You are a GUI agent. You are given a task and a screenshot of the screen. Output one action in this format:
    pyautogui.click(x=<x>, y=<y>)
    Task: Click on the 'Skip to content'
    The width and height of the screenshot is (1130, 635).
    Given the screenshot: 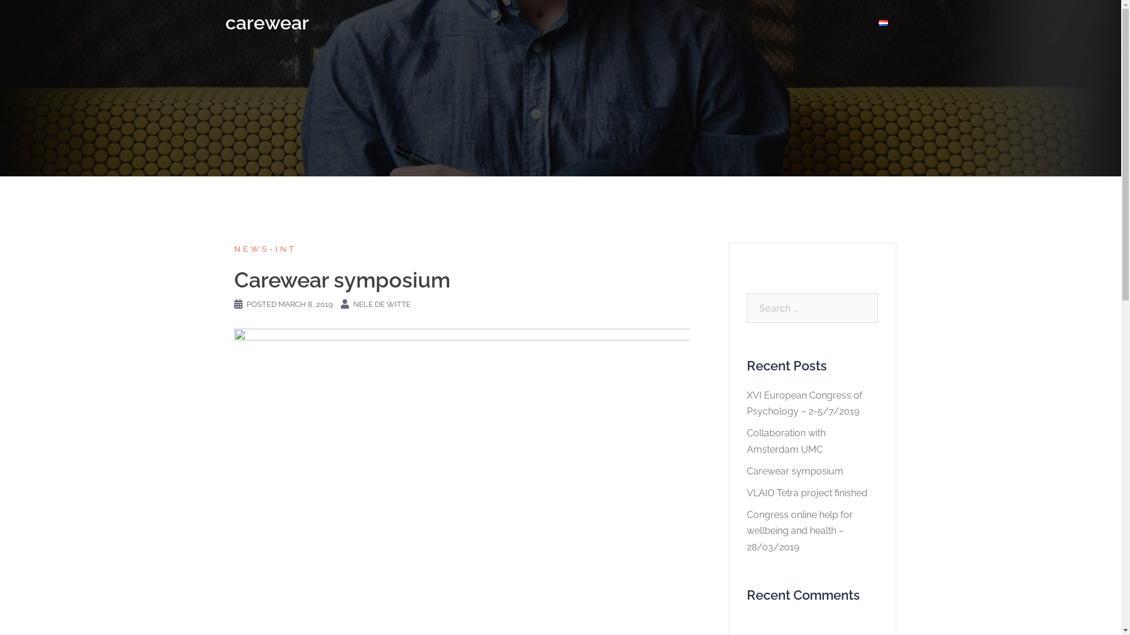 What is the action you would take?
    pyautogui.click(x=0, y=0)
    